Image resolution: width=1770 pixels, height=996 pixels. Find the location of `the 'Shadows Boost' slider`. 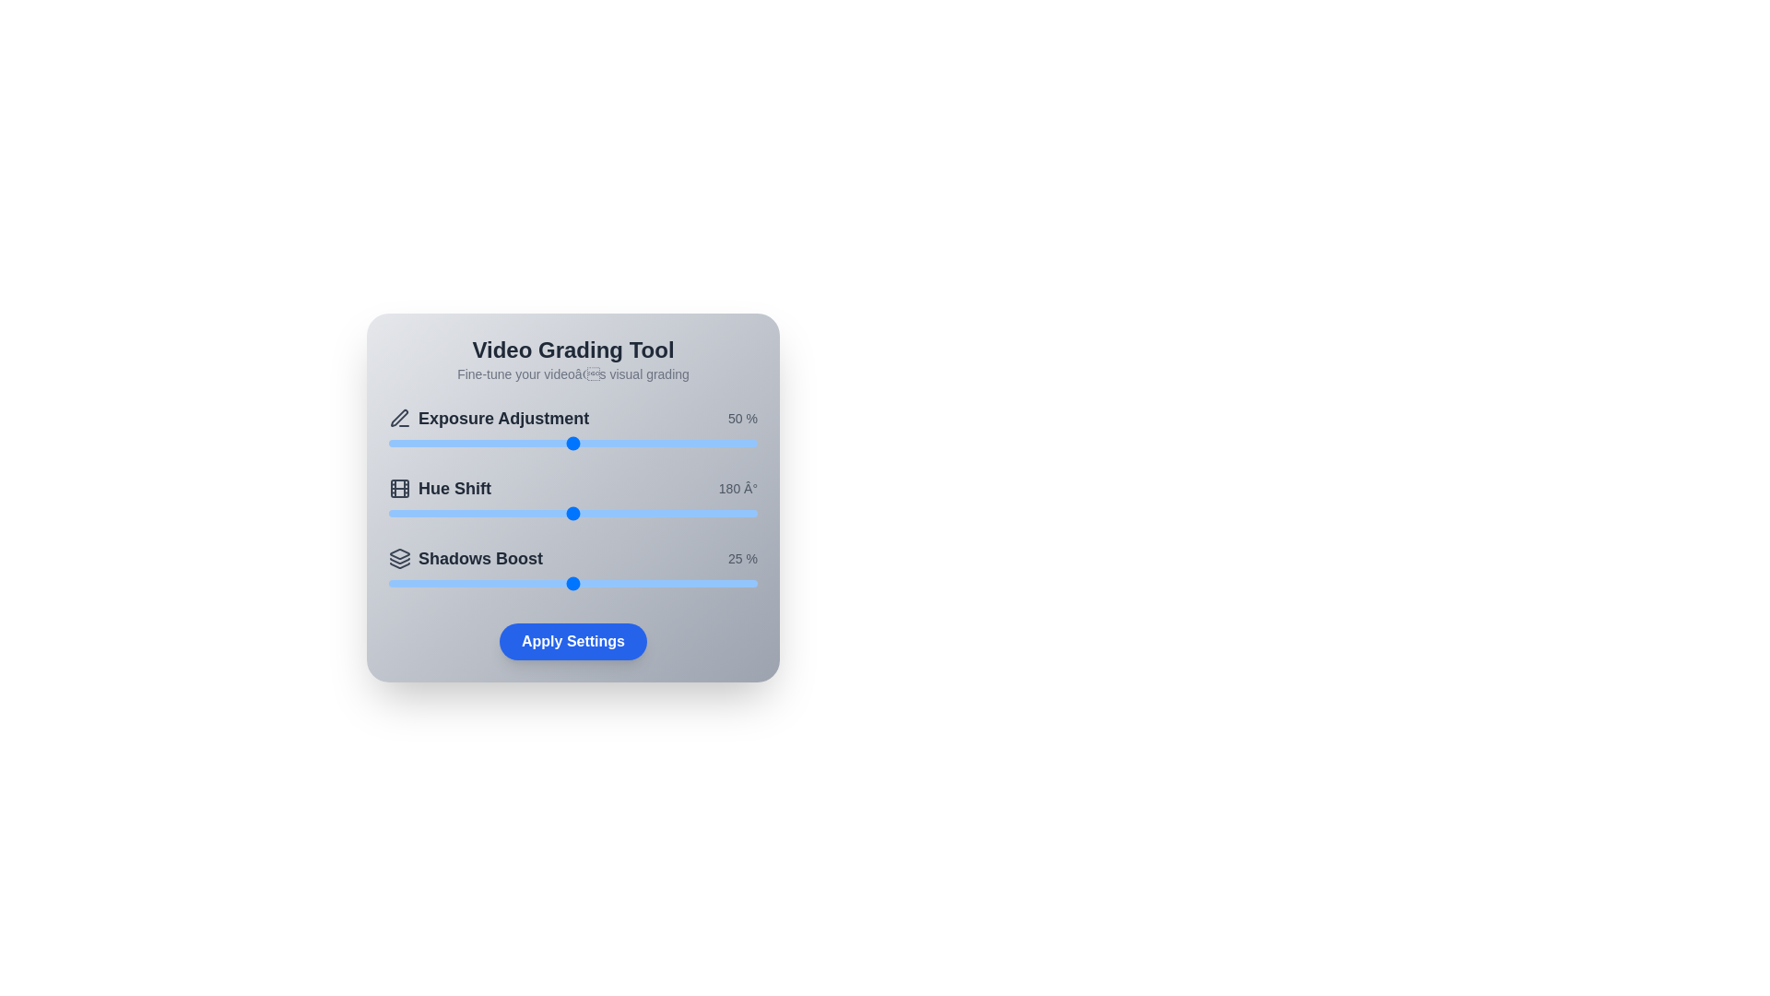

the 'Shadows Boost' slider is located at coordinates (485, 583).